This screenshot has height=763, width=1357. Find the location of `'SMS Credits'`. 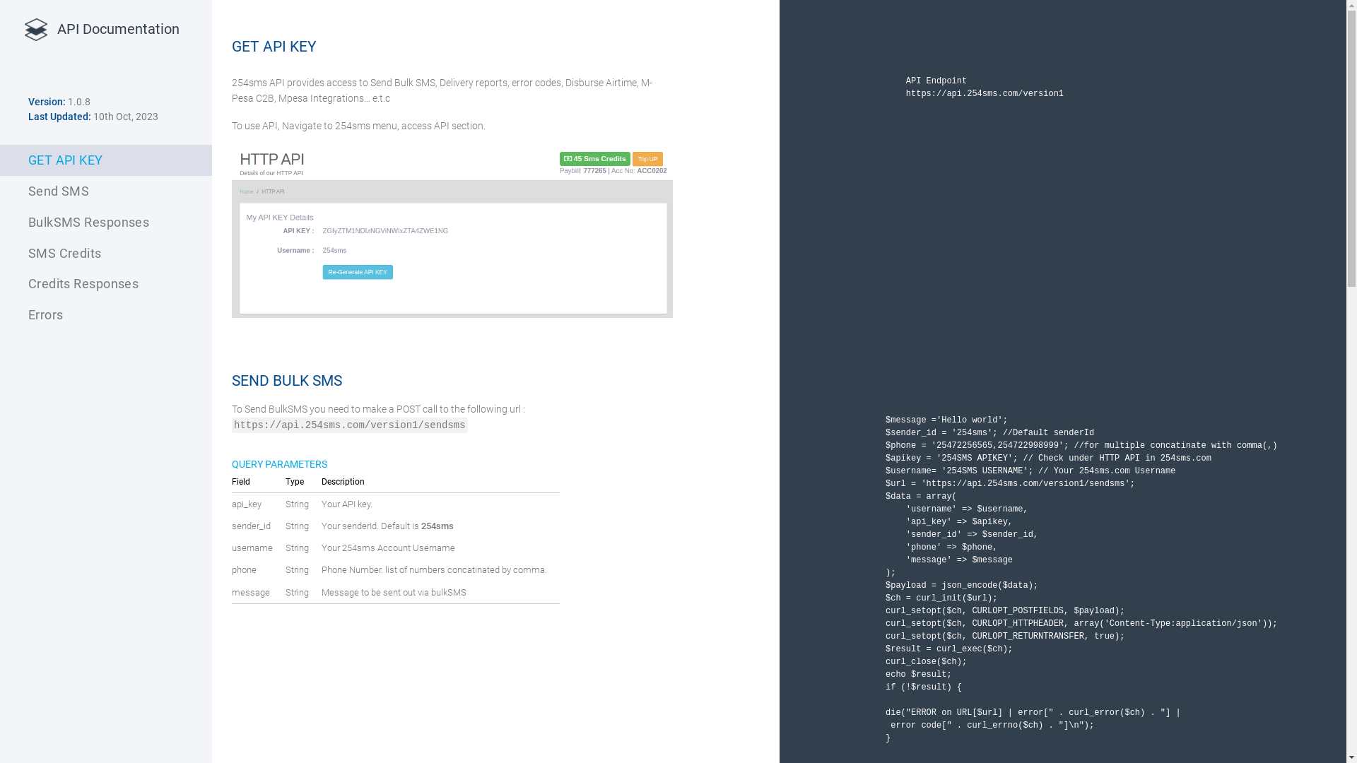

'SMS Credits' is located at coordinates (0, 252).